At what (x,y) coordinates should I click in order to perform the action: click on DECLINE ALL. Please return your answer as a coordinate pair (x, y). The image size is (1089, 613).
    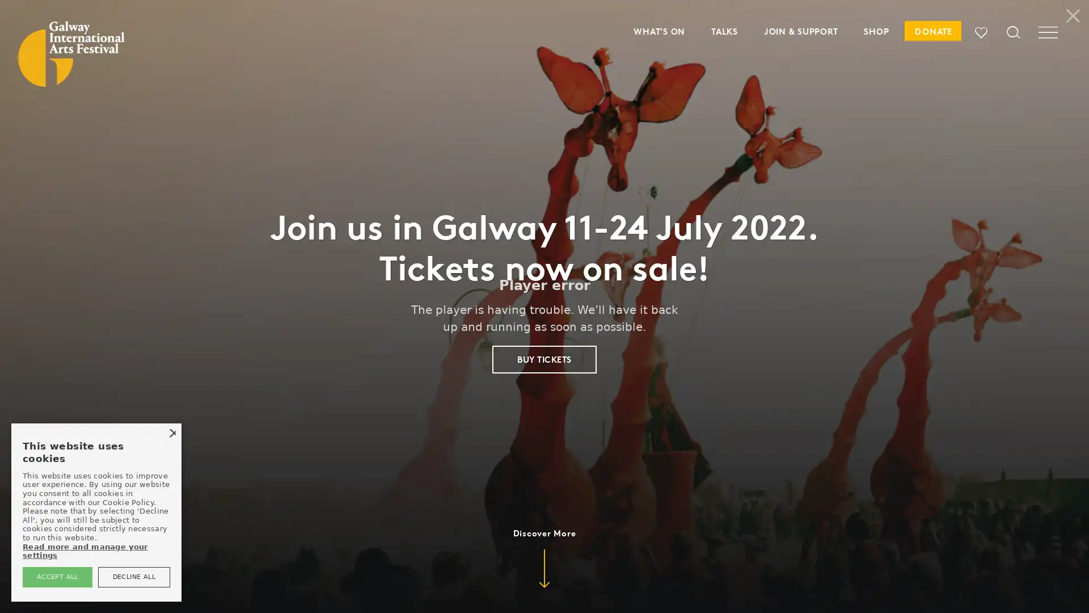
    Looking at the image, I should click on (133, 577).